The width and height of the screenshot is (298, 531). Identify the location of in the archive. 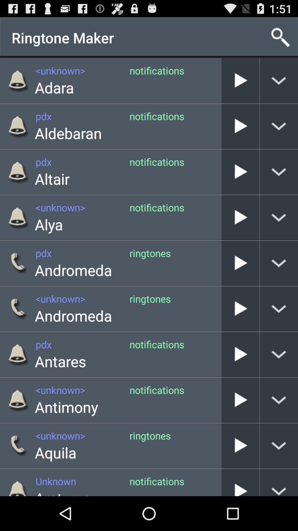
(240, 171).